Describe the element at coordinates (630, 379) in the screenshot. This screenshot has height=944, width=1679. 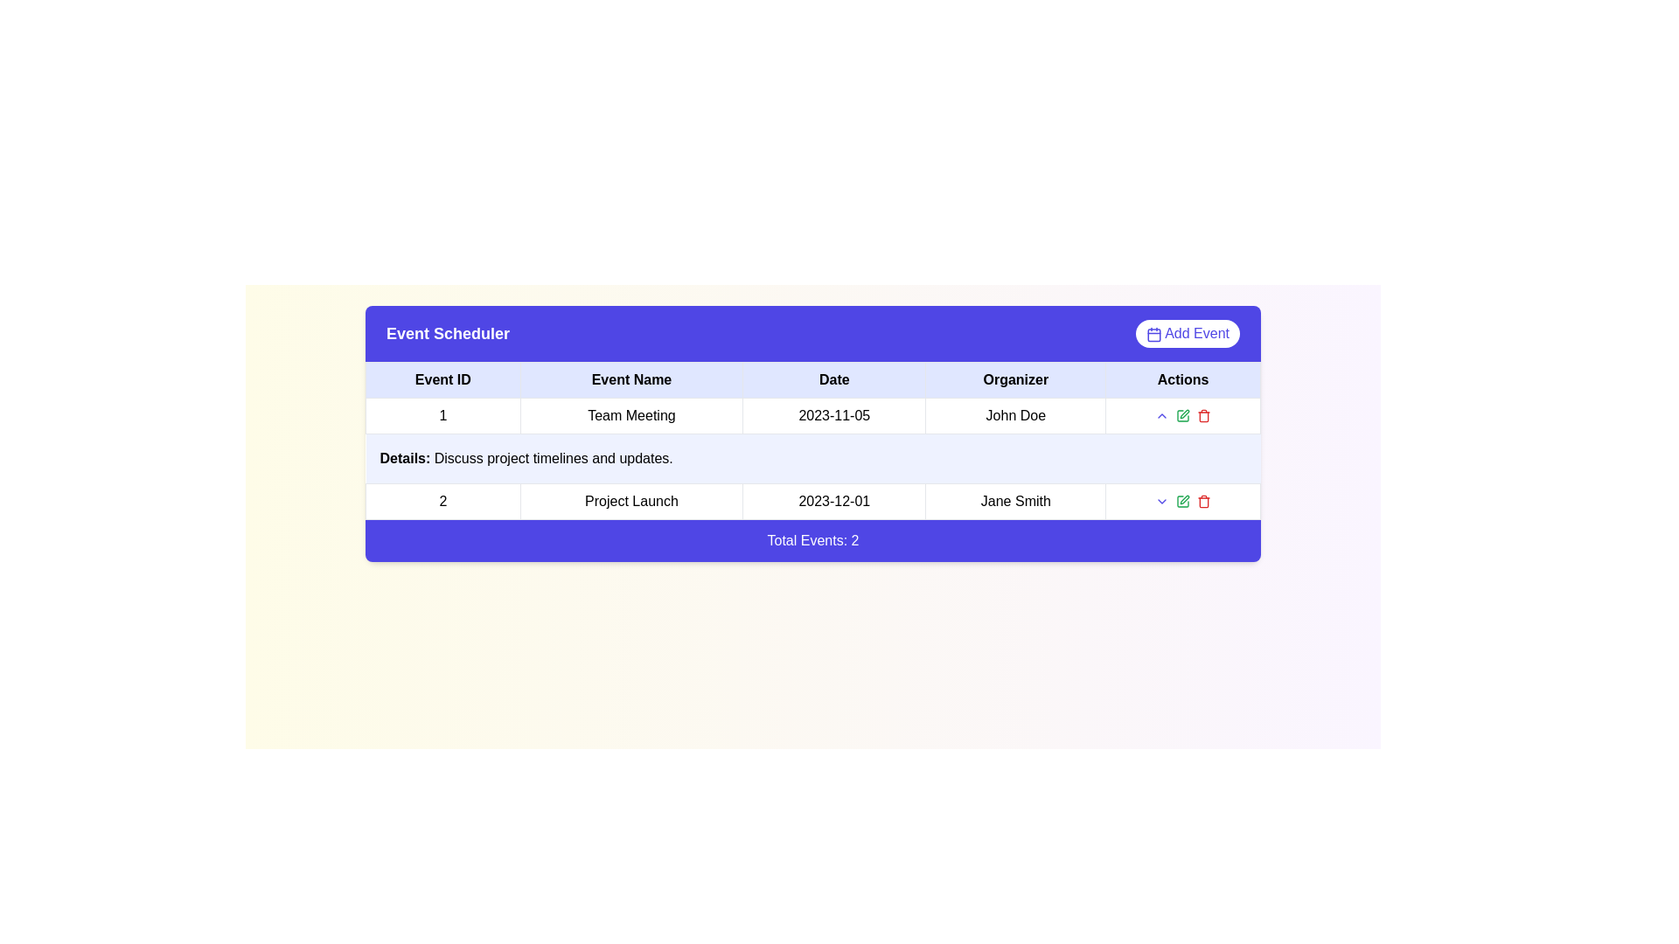
I see `the Text label that serves as a column header for event names, located as the second cell in the header row of the table, positioned to the right of 'Event ID' and to the left of 'Date'` at that location.